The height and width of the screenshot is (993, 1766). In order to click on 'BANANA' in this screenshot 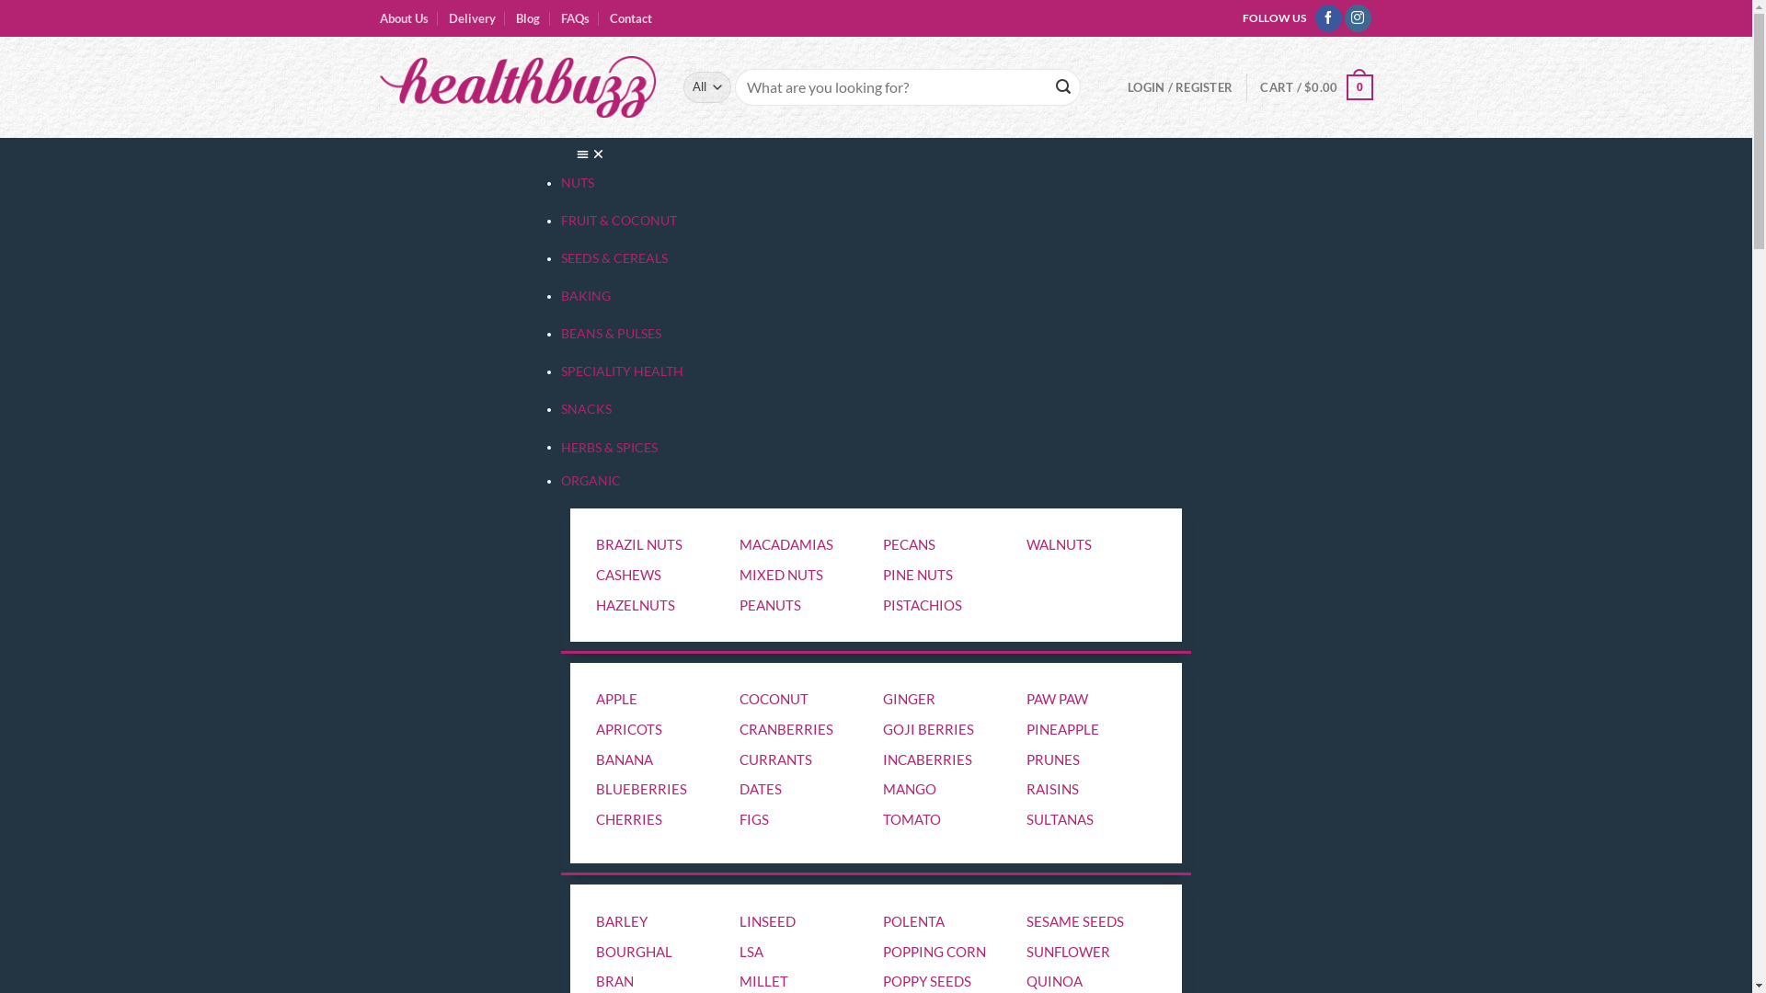, I will do `click(624, 759)`.